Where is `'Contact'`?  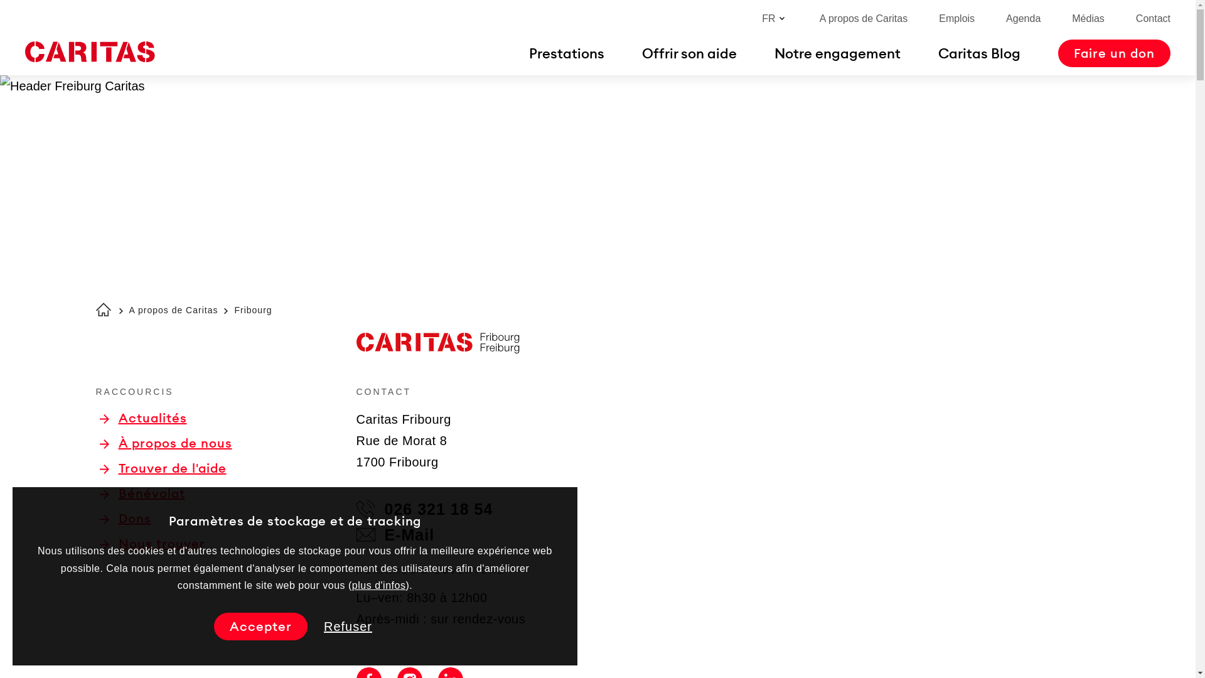
'Contact' is located at coordinates (1153, 18).